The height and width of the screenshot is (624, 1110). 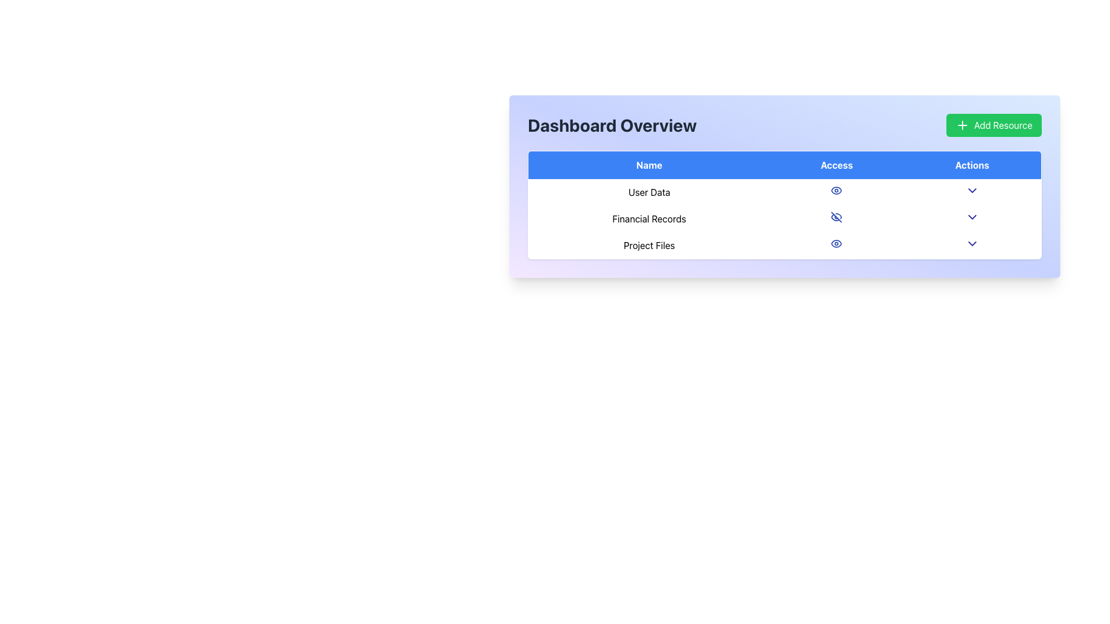 I want to click on the downward-pointing triangle icon in the 'Actions' column of the 'User Data' row, so click(x=971, y=191).